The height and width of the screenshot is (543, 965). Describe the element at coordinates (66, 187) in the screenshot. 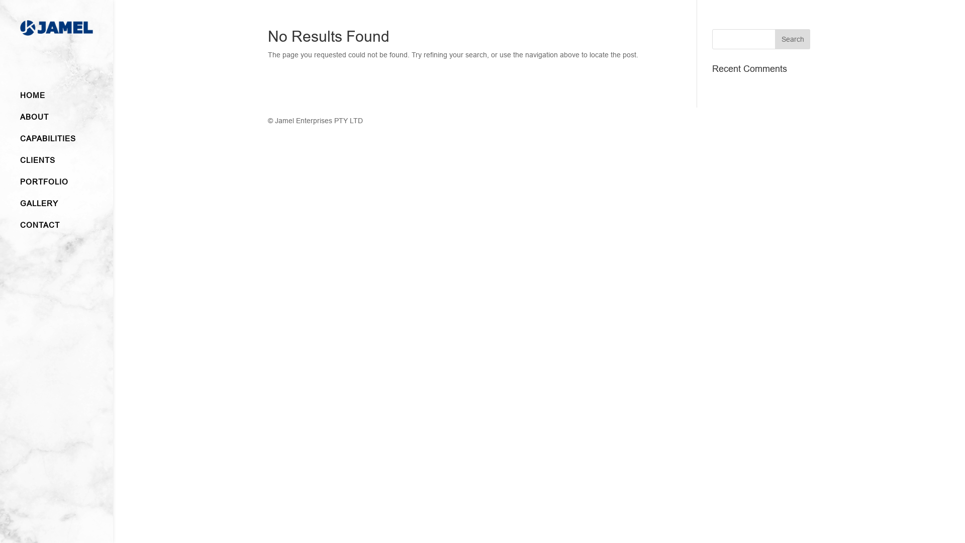

I see `'PORTFOLIO'` at that location.